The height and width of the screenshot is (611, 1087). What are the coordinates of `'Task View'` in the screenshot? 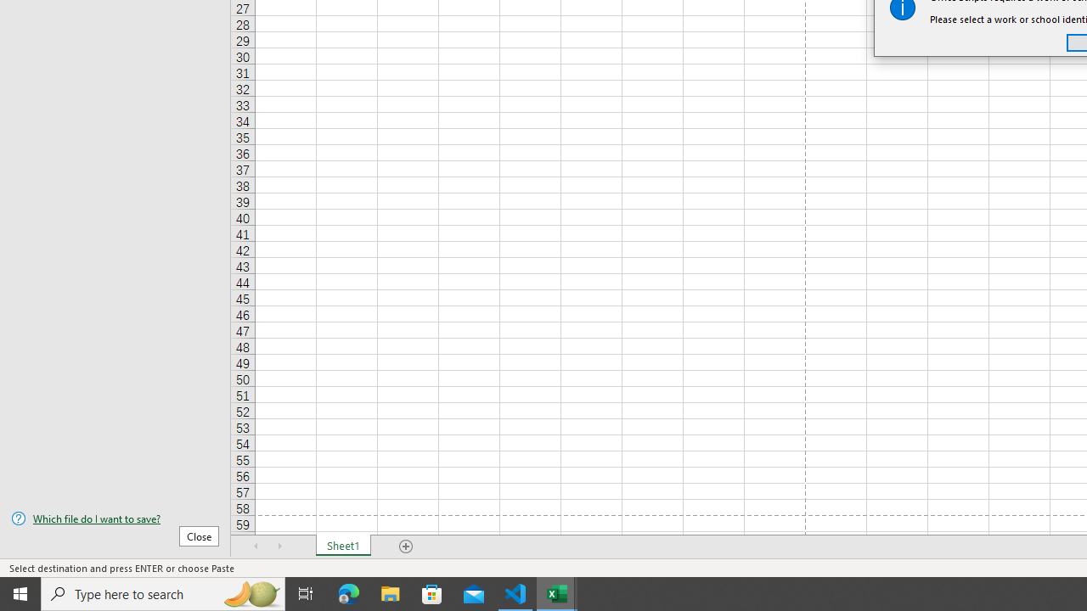 It's located at (305, 592).